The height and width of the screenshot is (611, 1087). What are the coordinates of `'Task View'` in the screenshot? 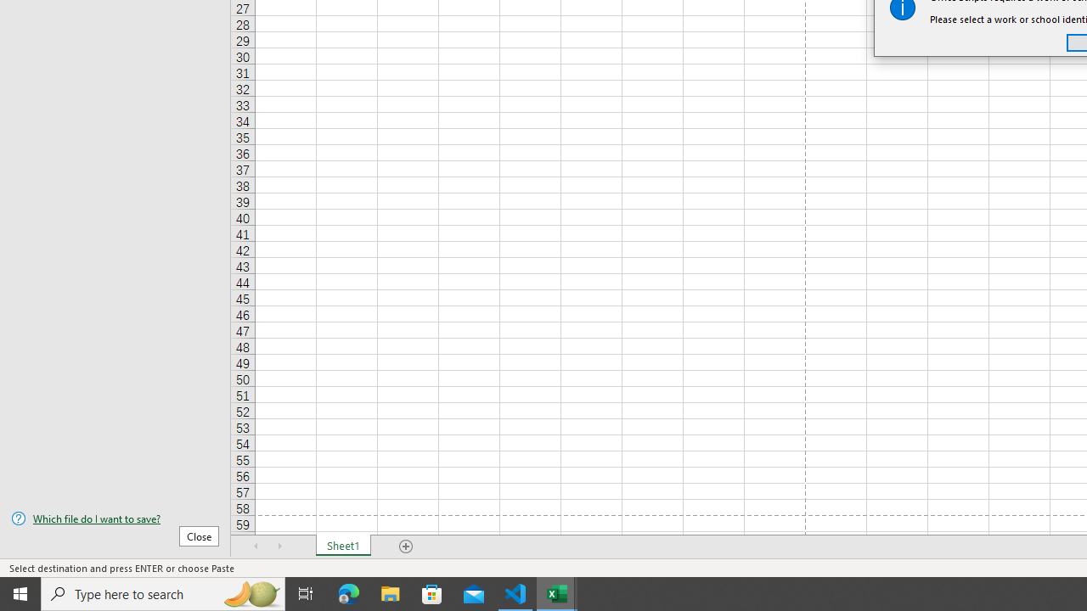 It's located at (305, 592).